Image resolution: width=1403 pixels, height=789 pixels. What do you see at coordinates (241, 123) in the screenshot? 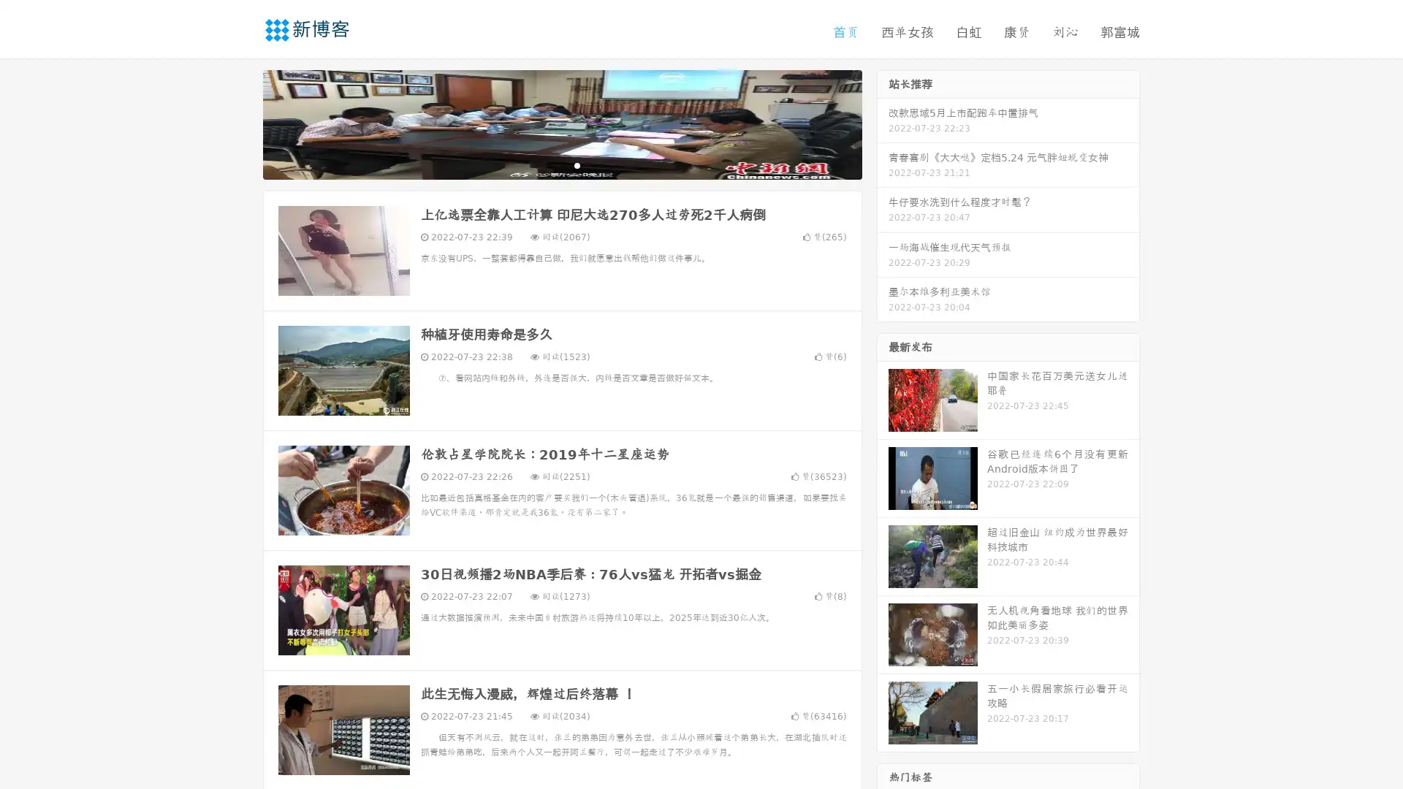
I see `Previous slide` at bounding box center [241, 123].